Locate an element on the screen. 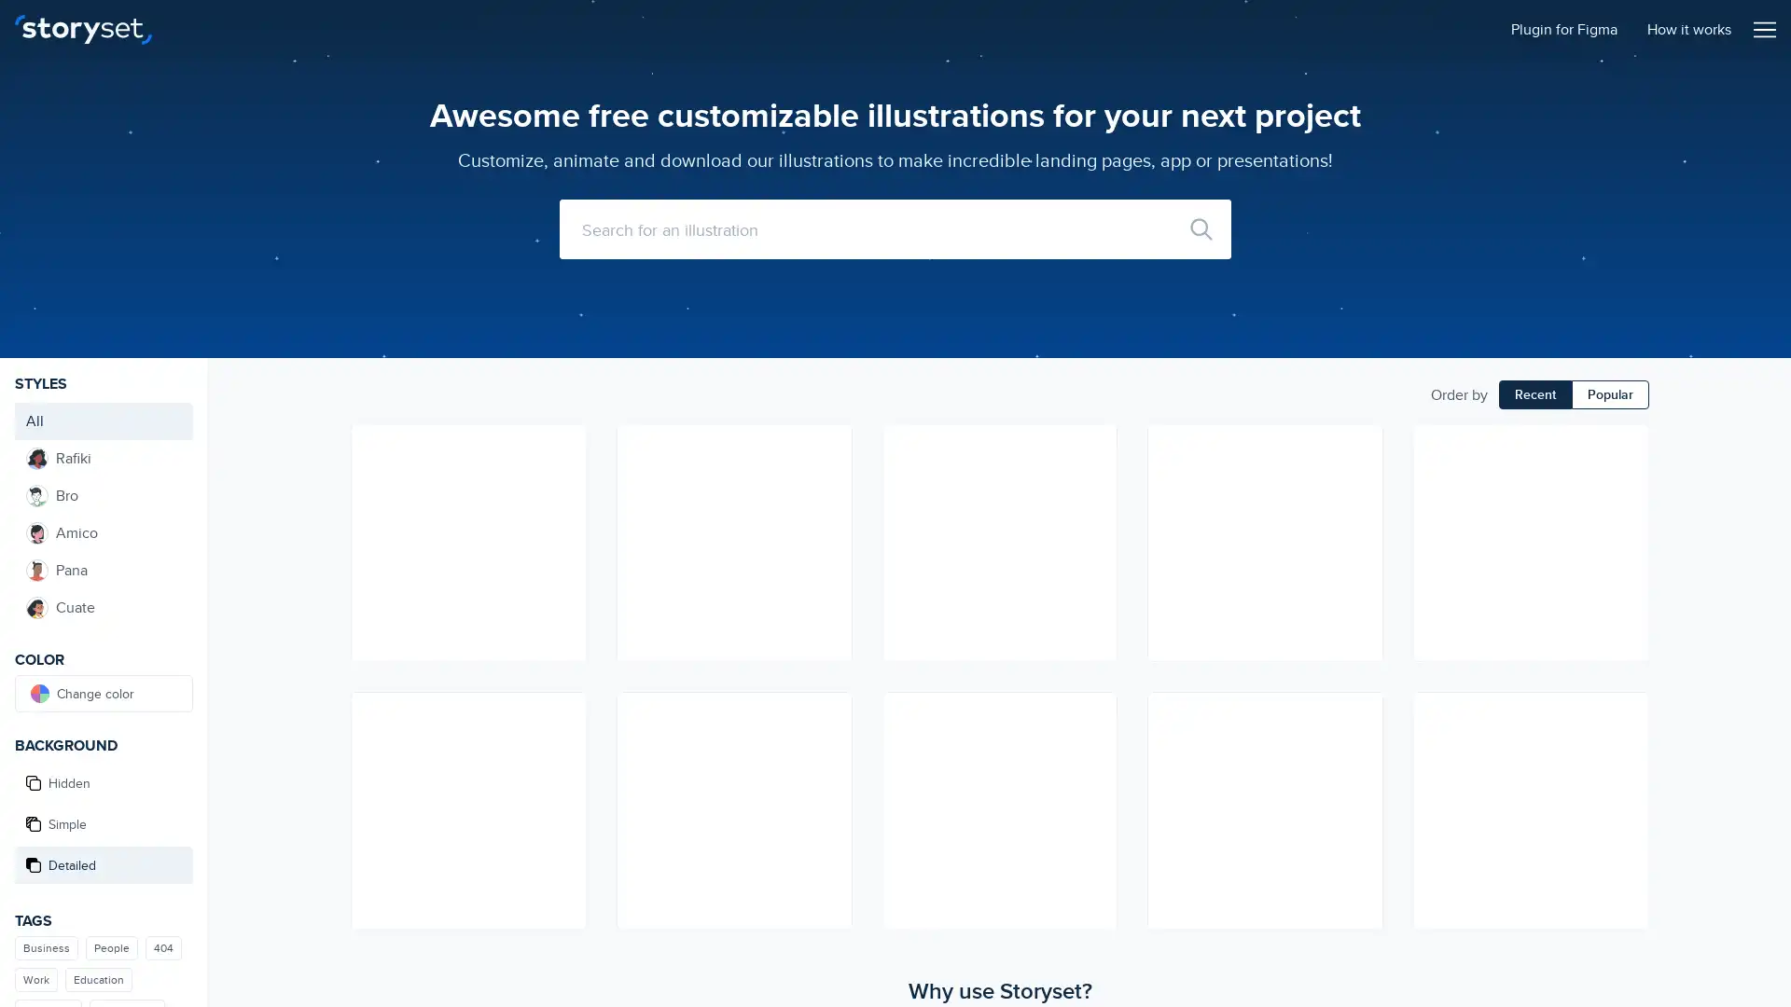  download icon Download is located at coordinates (562, 480).